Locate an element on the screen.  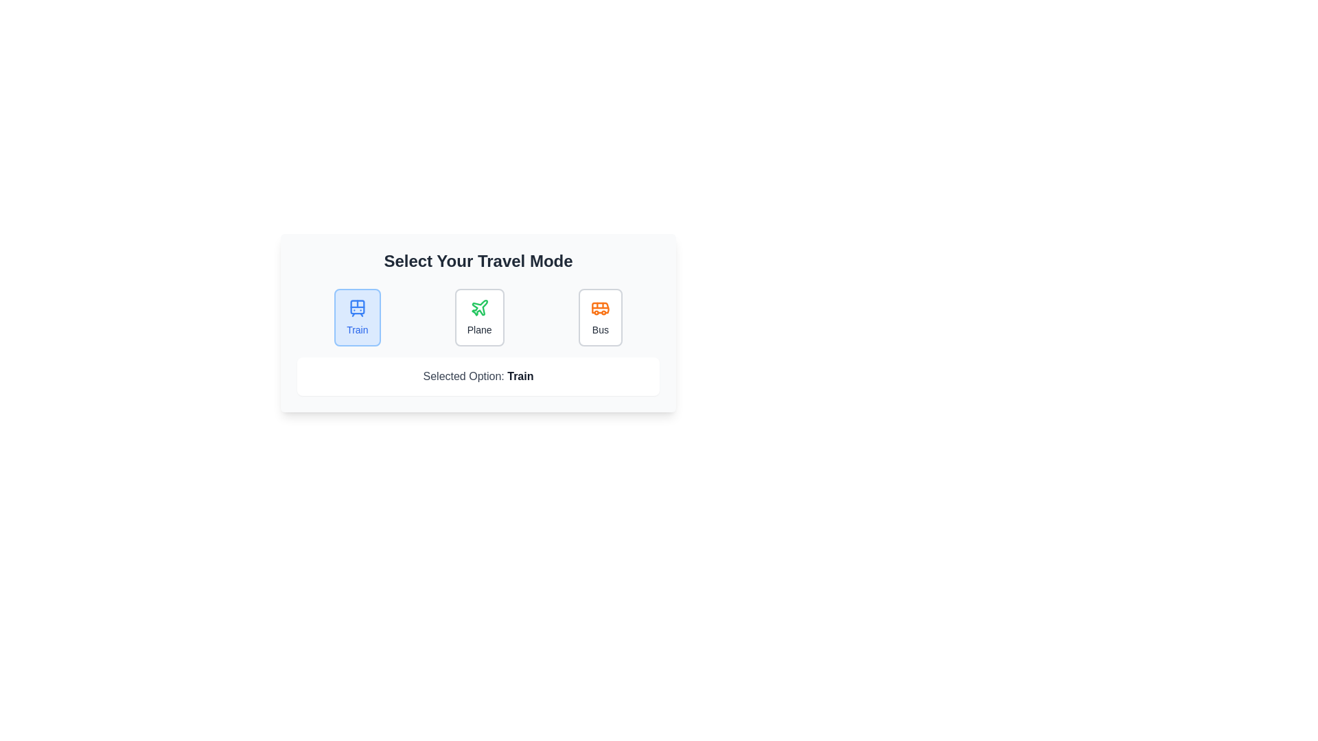
the bold, centered title 'Select Your Travel Mode' which is positioned above the travel mode options is located at coordinates (478, 261).